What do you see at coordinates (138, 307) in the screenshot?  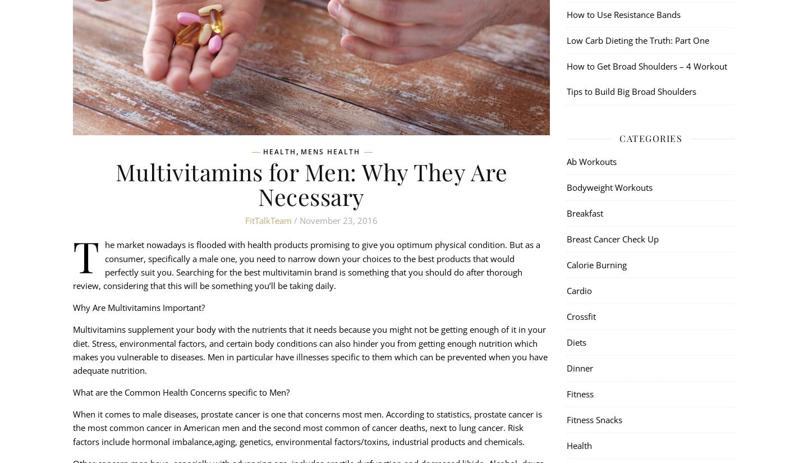 I see `'Why Are Multivitamins Important?'` at bounding box center [138, 307].